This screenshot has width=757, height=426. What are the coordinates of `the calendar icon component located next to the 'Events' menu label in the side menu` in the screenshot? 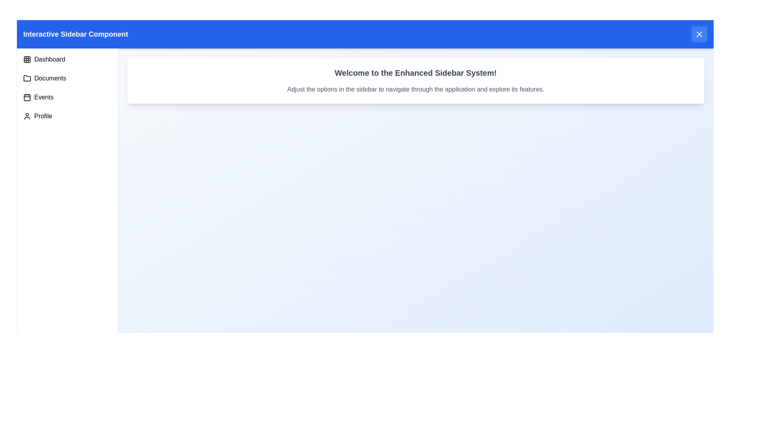 It's located at (27, 97).